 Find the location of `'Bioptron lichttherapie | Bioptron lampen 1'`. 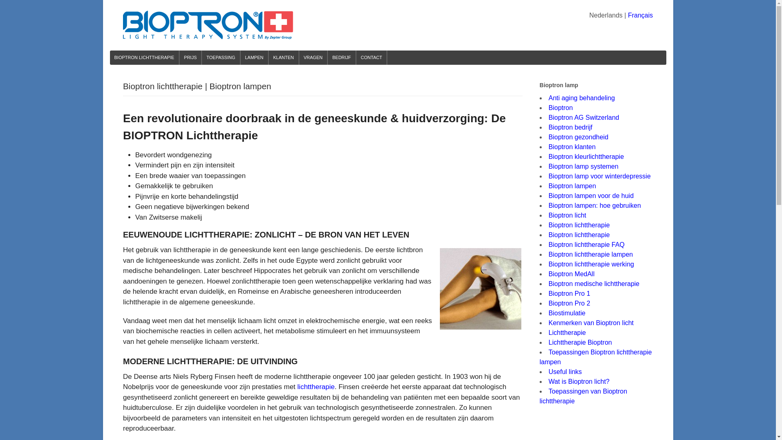

'Bioptron lichttherapie | Bioptron lampen 1' is located at coordinates (481, 288).